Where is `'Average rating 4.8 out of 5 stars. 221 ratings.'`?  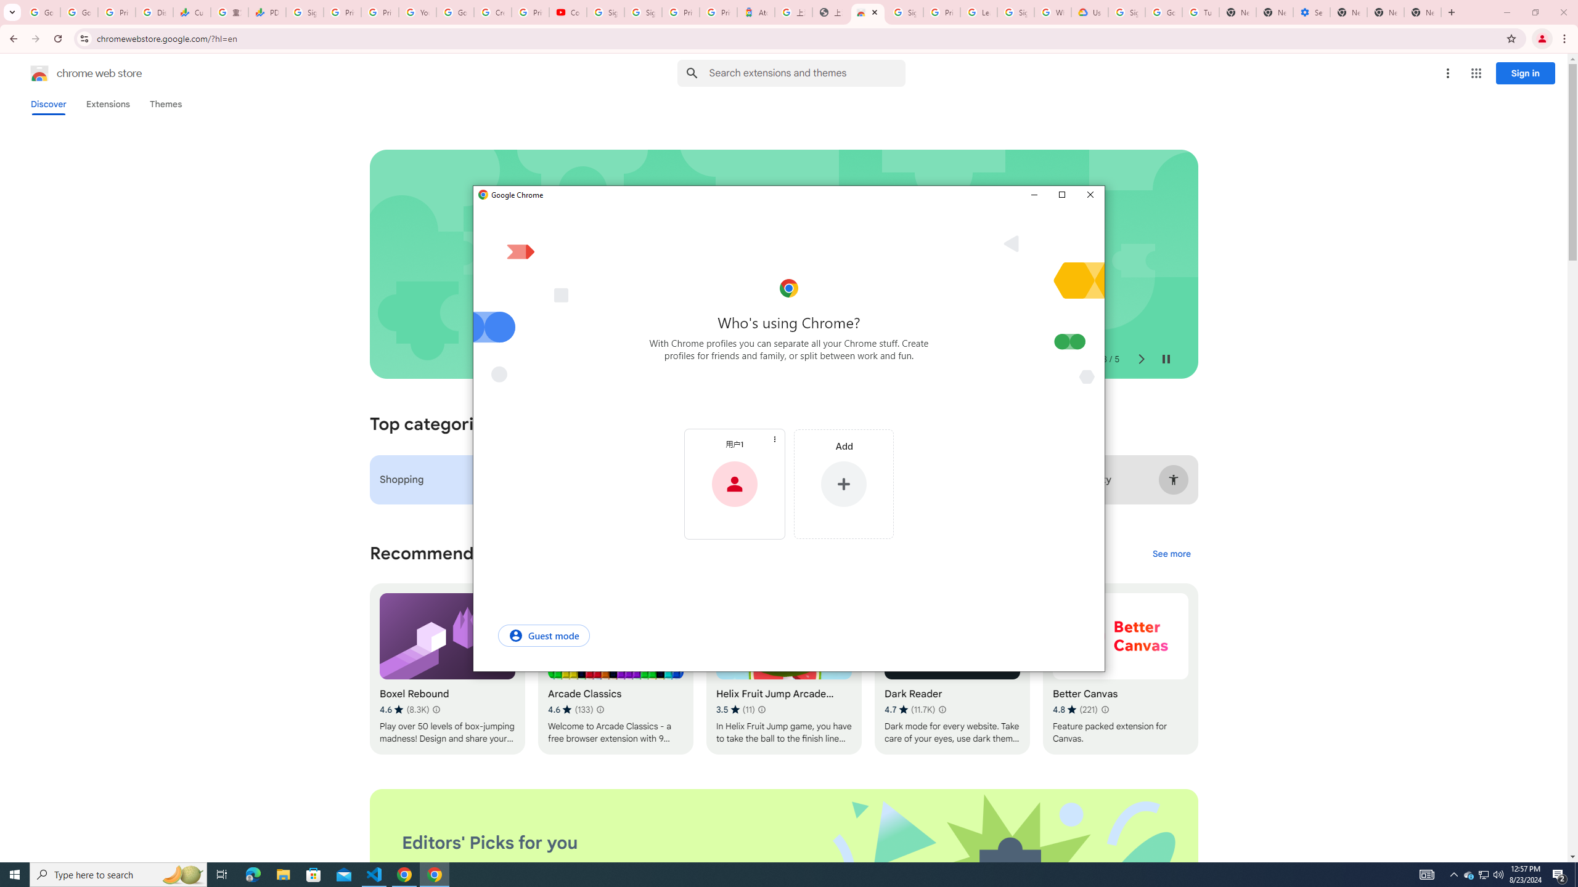
'Average rating 4.8 out of 5 stars. 221 ratings.' is located at coordinates (1075, 710).